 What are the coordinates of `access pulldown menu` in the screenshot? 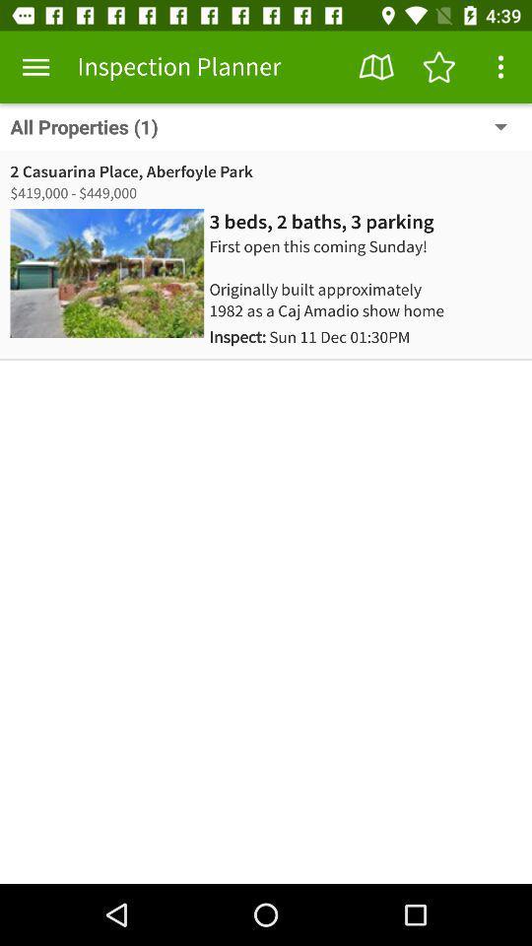 It's located at (500, 67).